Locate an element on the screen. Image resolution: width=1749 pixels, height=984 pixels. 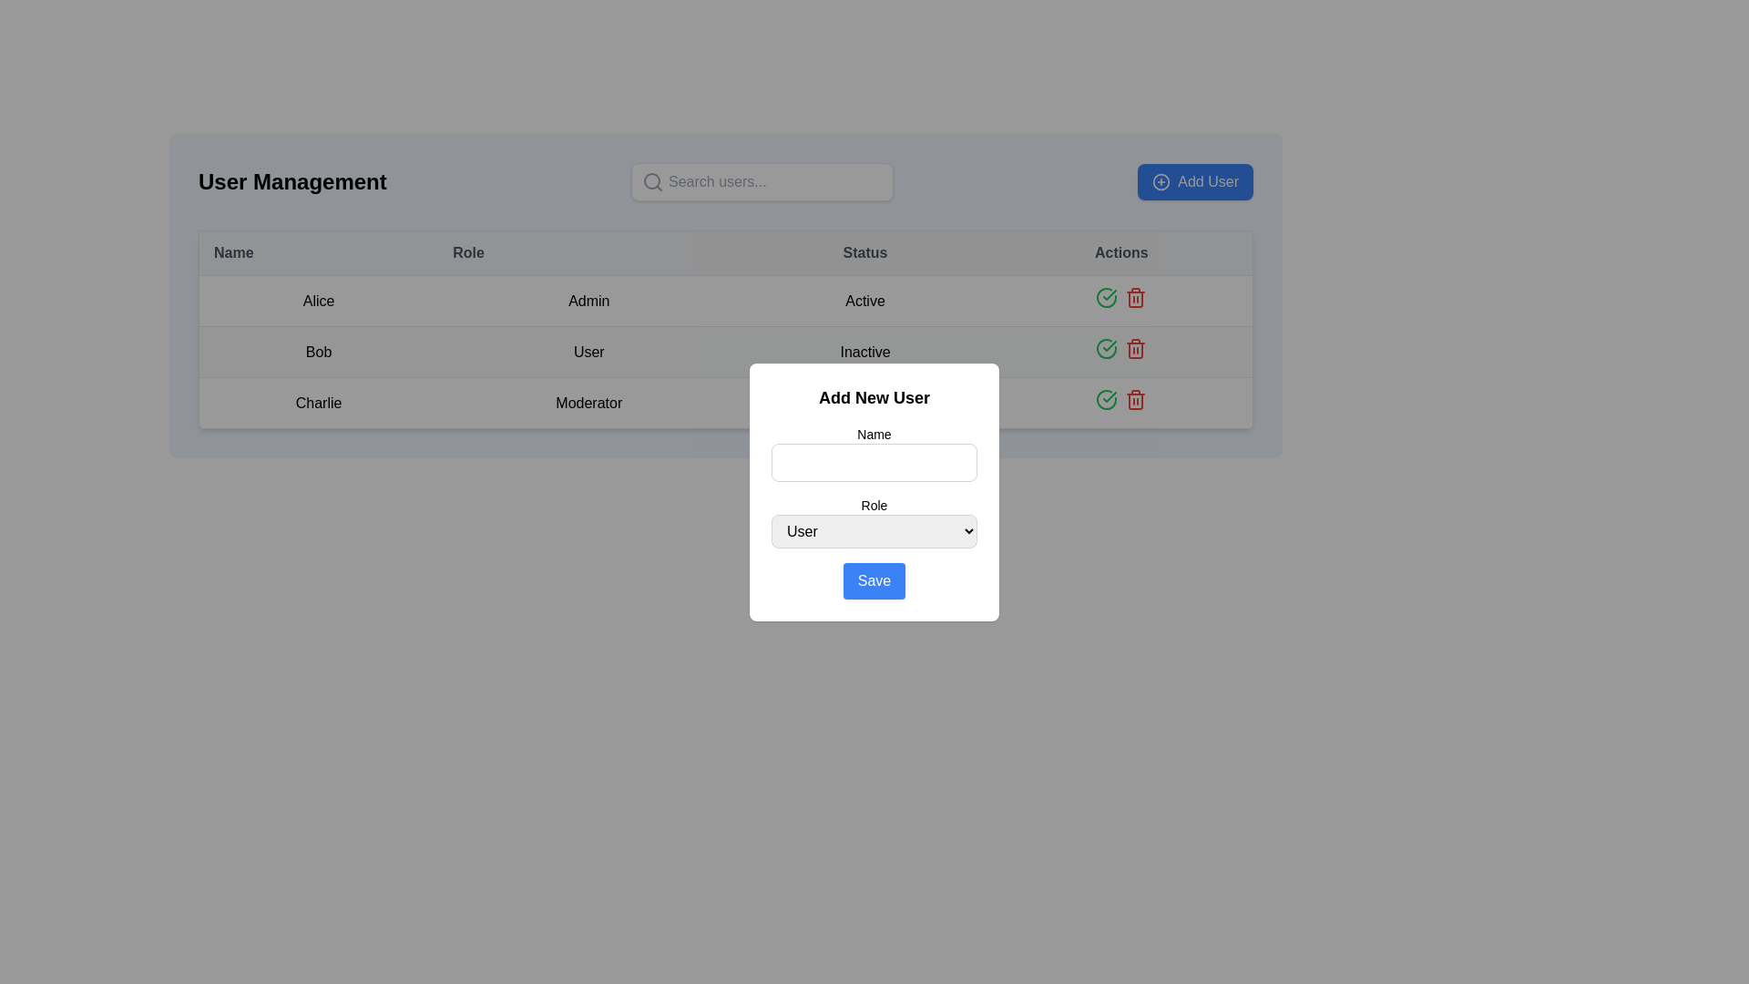
the table cell displaying the user role 'Moderator' for the user 'Charlie' in the user management table is located at coordinates (588, 402).